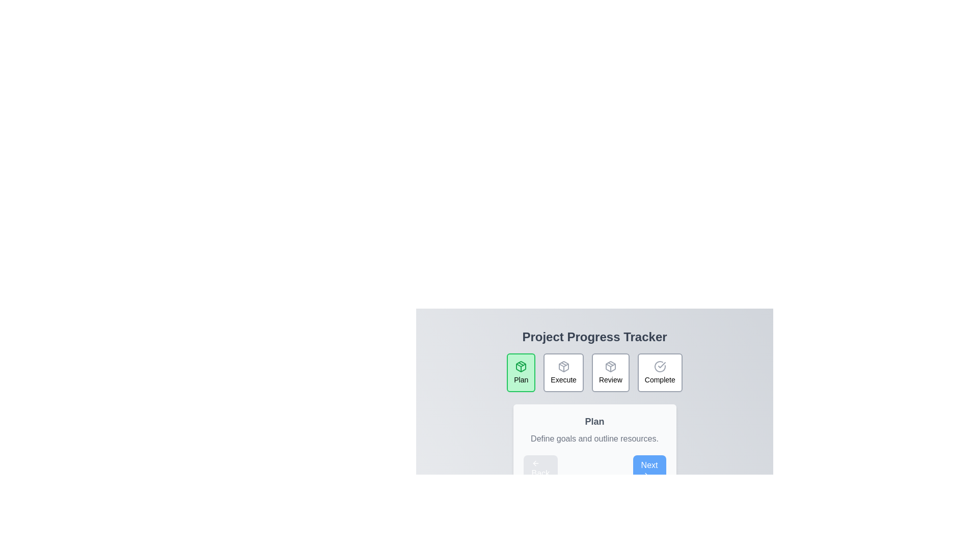 This screenshot has width=978, height=550. What do you see at coordinates (610, 373) in the screenshot?
I see `the step labeled Review to select it` at bounding box center [610, 373].